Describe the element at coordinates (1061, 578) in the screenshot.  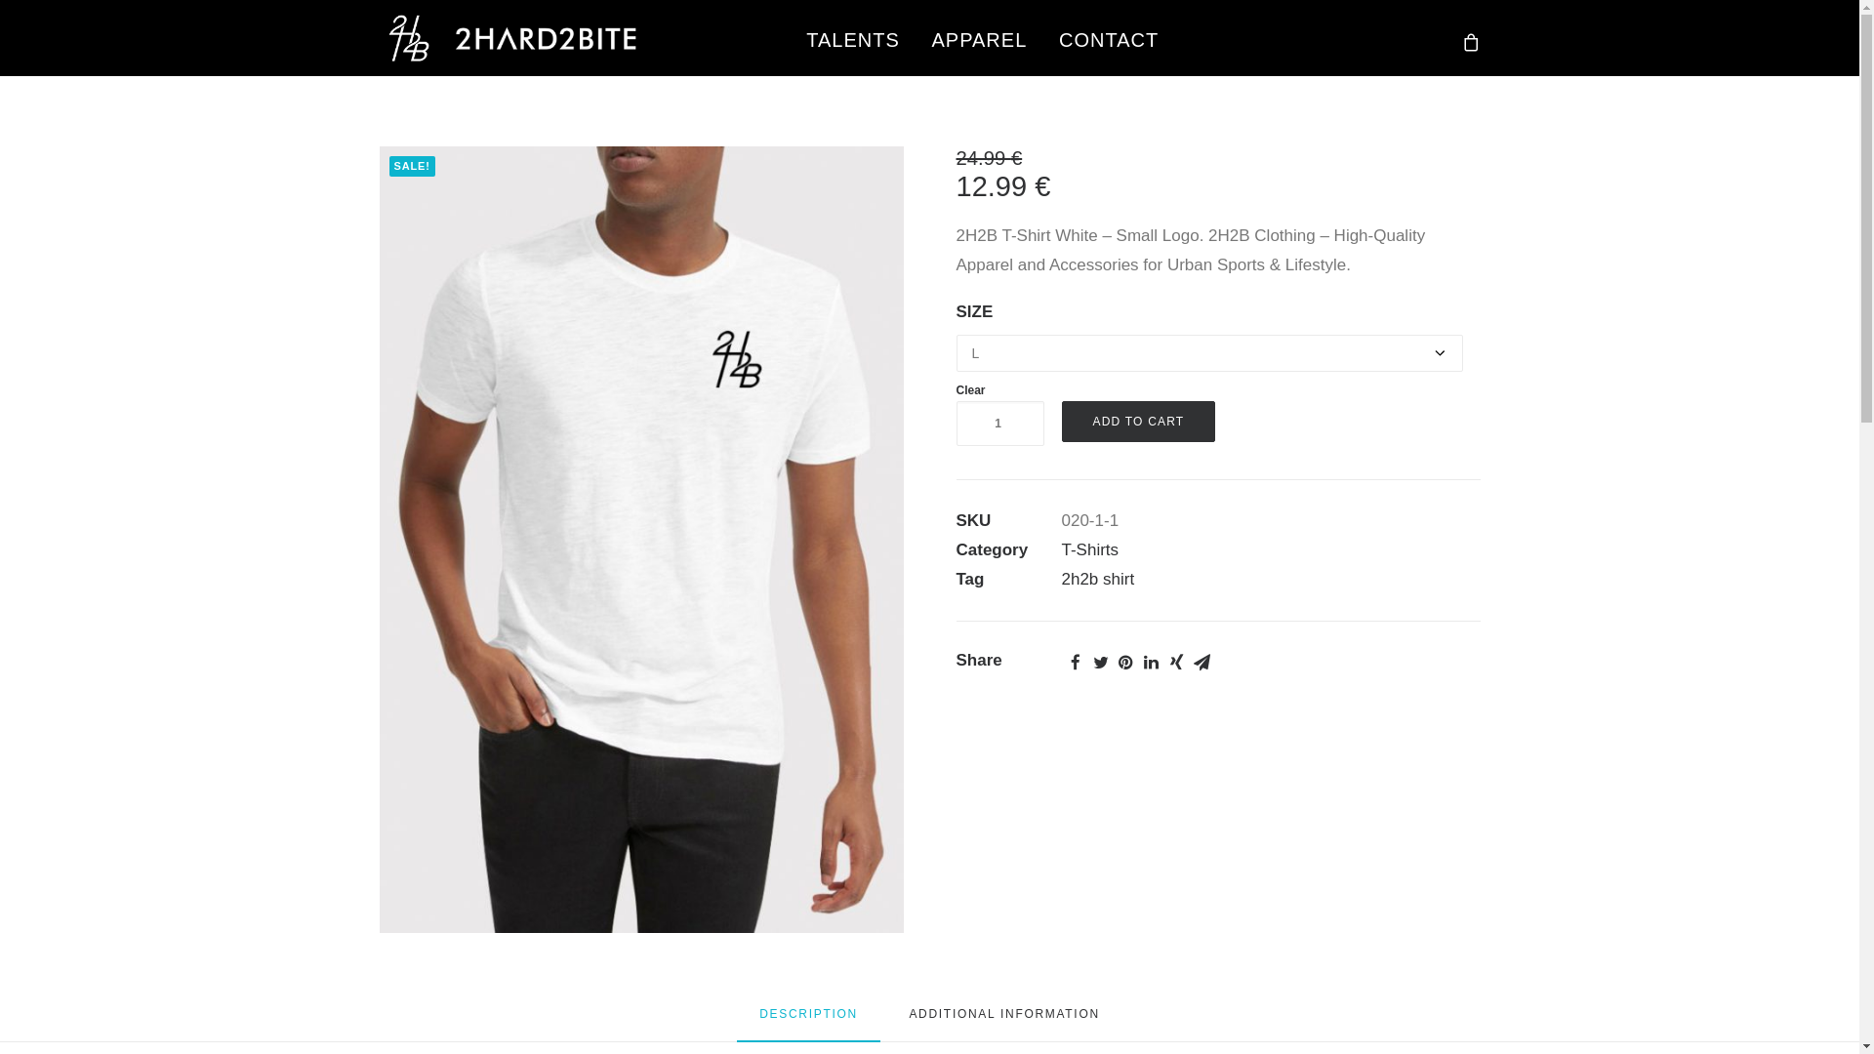
I see `'2h2b shirt'` at that location.